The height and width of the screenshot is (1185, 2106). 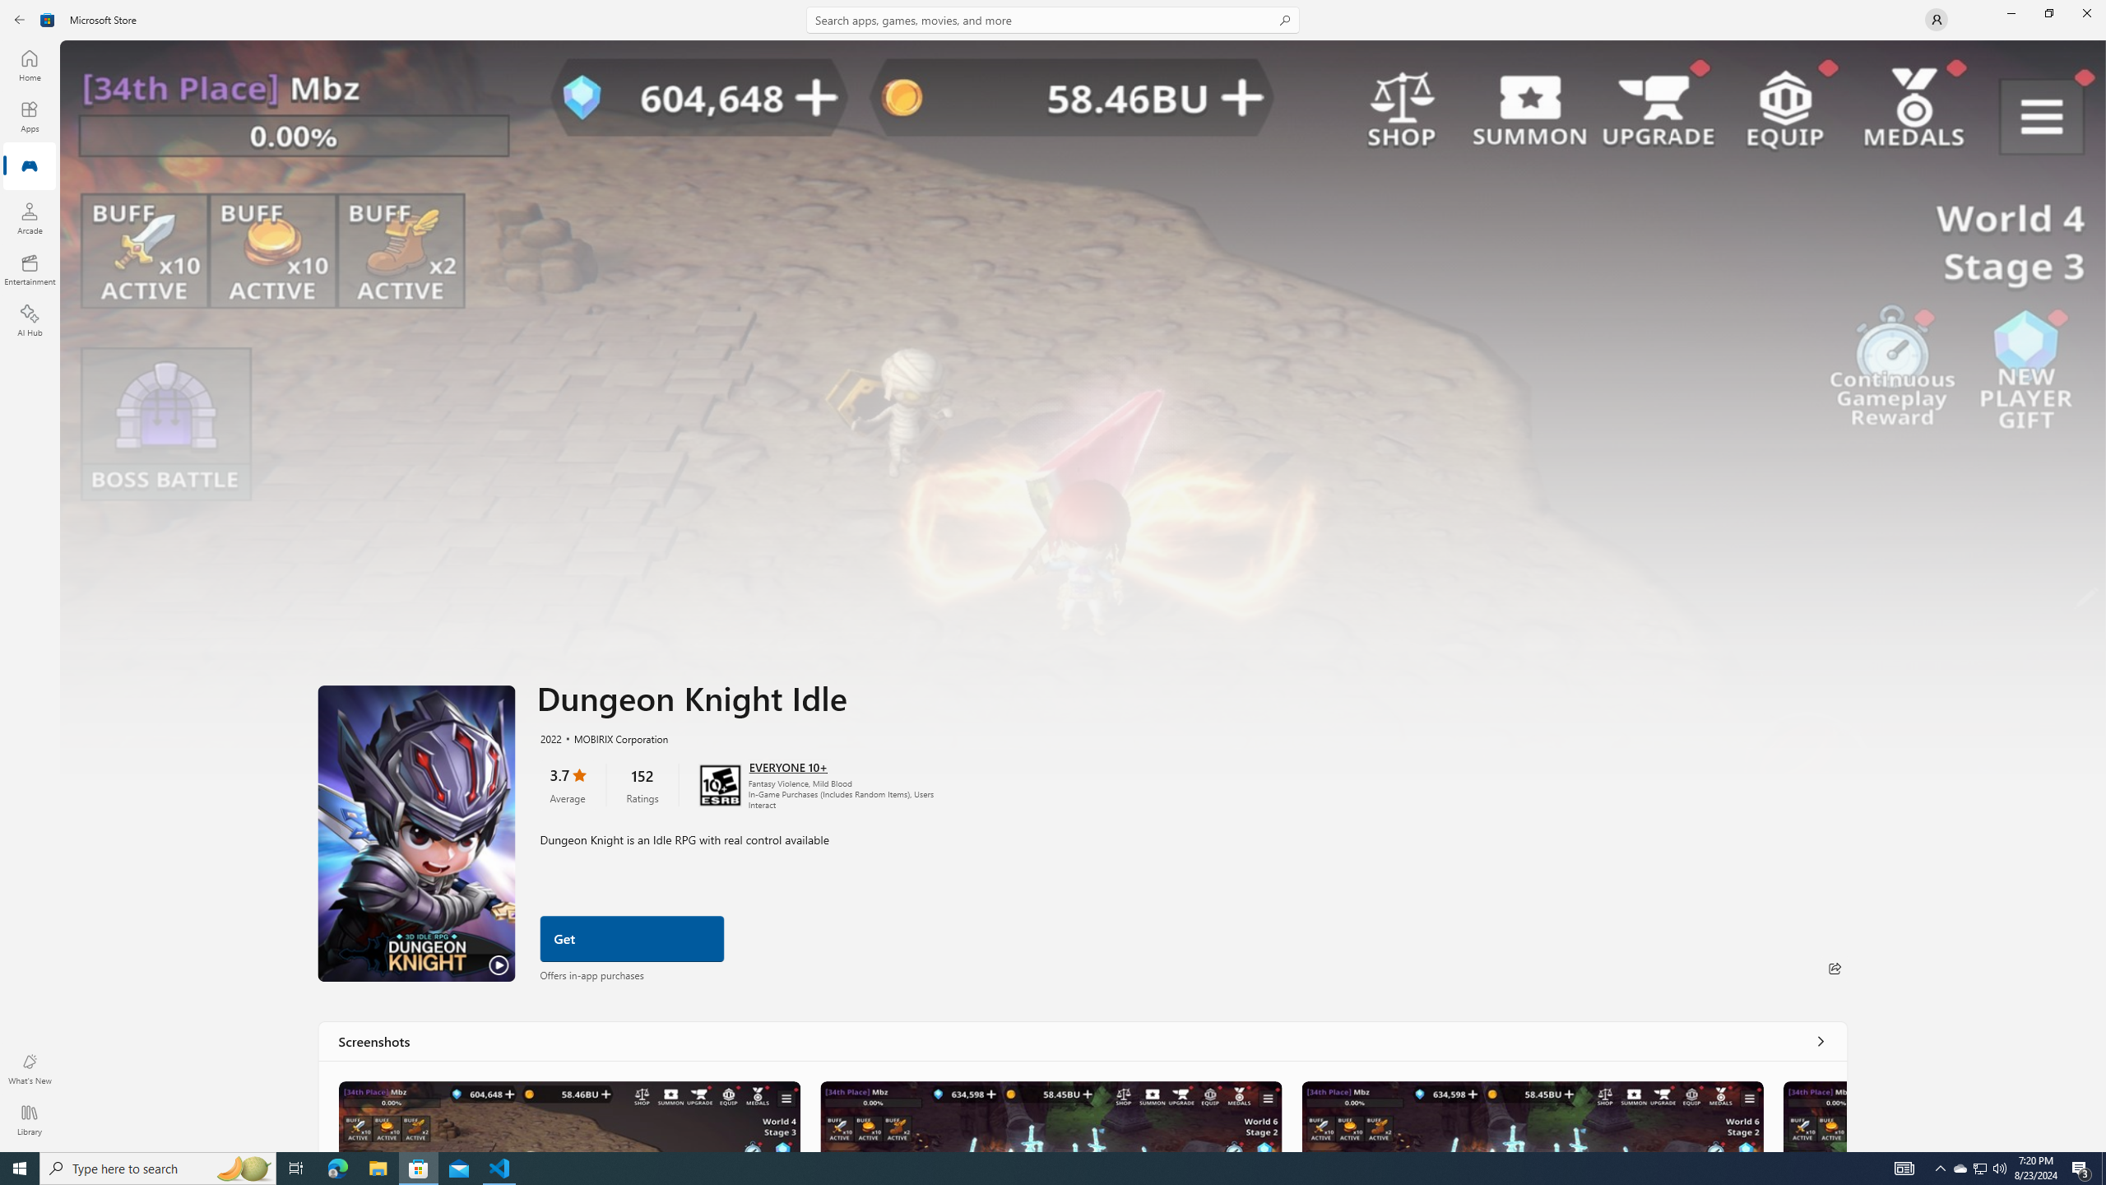 What do you see at coordinates (1049, 1115) in the screenshot?
I see `'Screenshot 2'` at bounding box center [1049, 1115].